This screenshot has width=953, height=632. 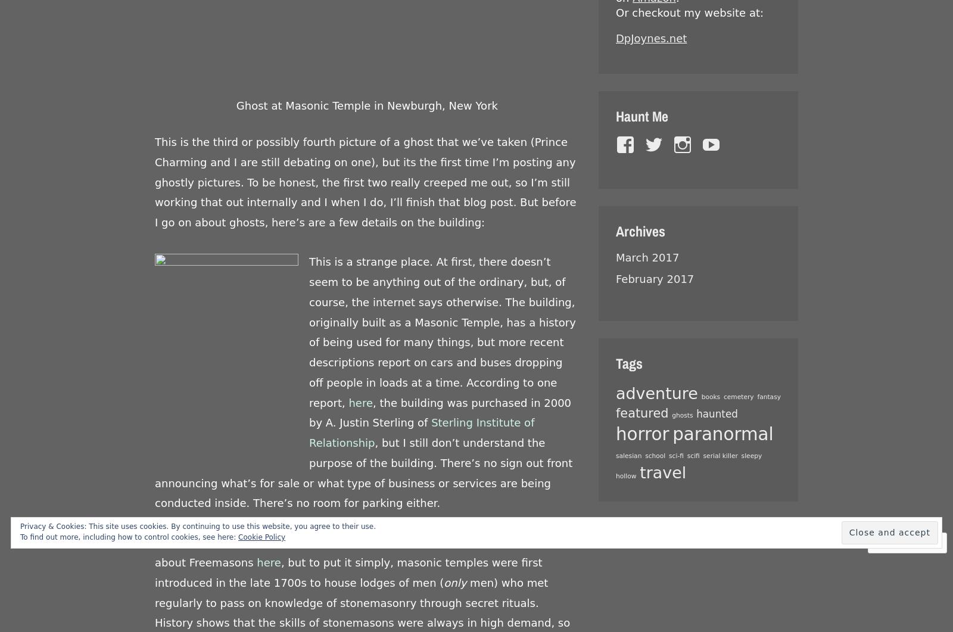 What do you see at coordinates (615, 231) in the screenshot?
I see `'Archives'` at bounding box center [615, 231].